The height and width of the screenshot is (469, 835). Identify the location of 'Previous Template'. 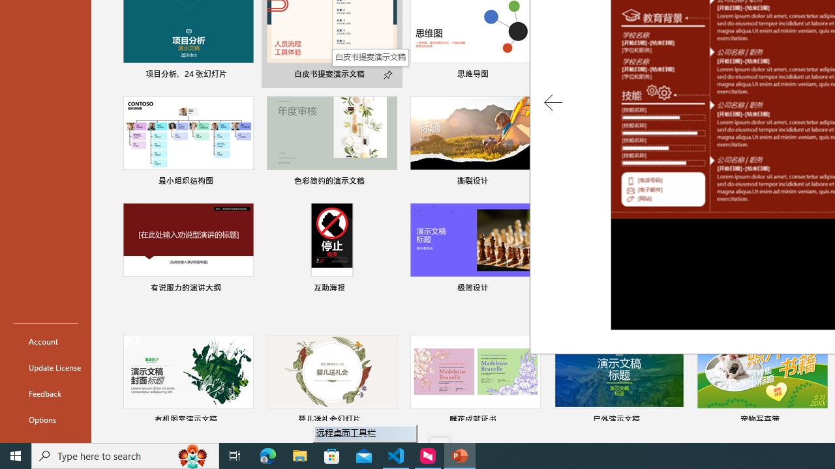
(553, 102).